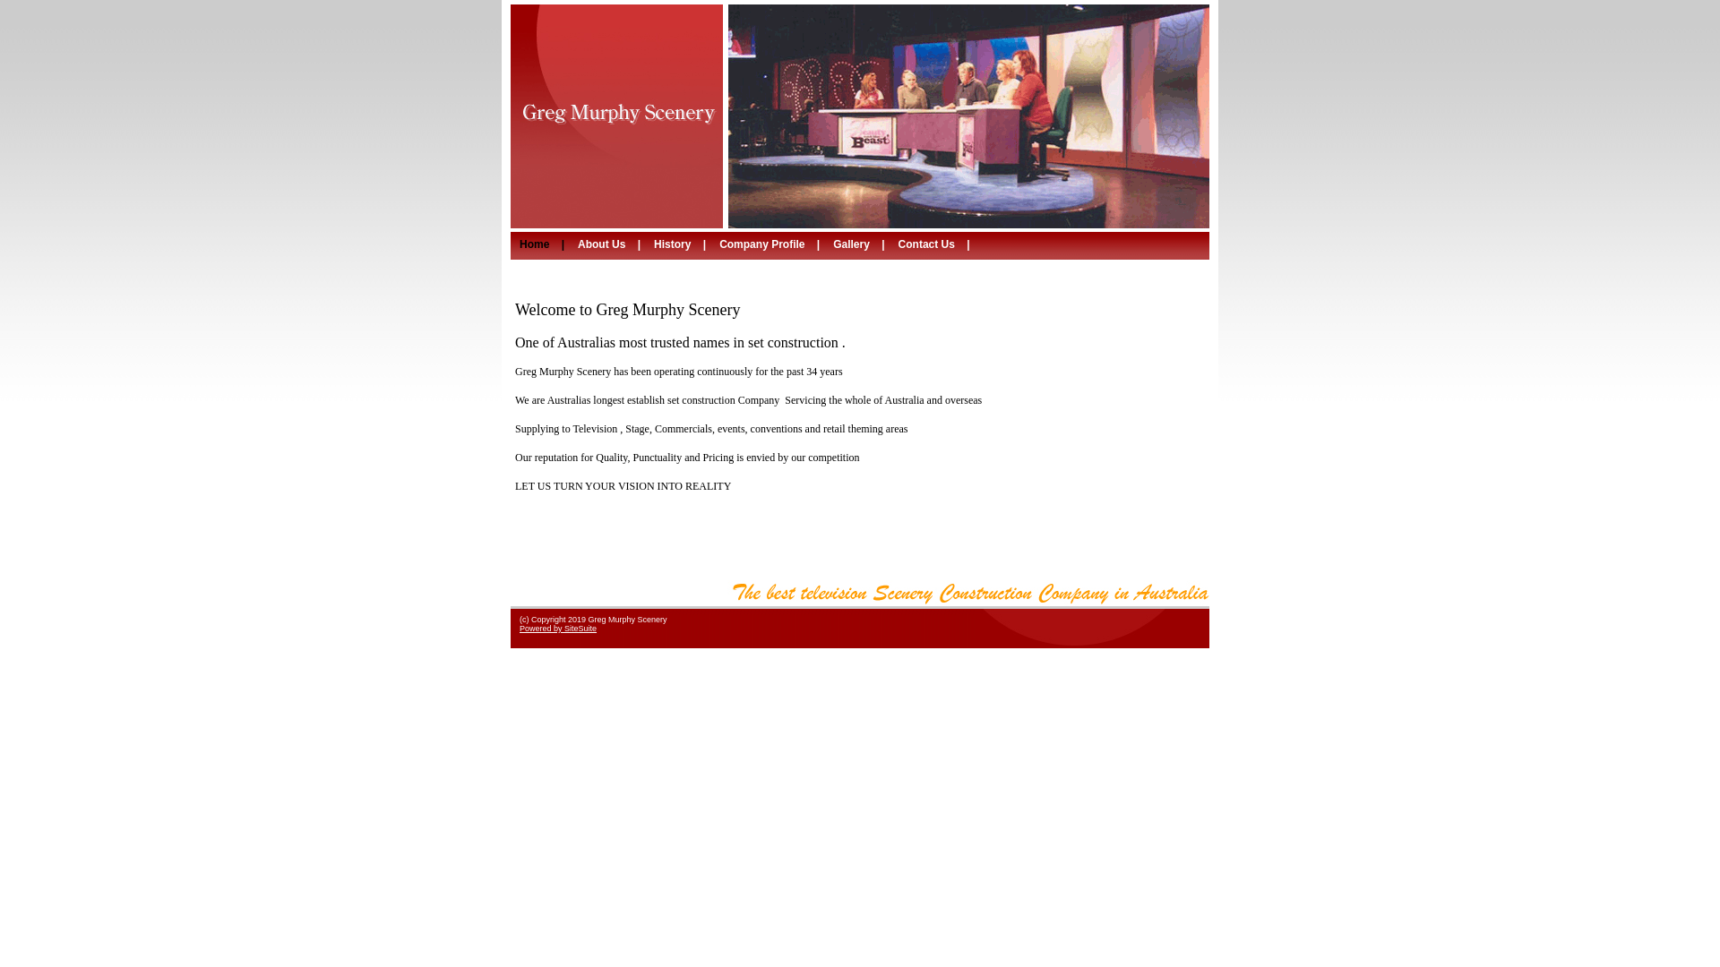 This screenshot has width=1720, height=967. What do you see at coordinates (519, 628) in the screenshot?
I see `'Powered by SiteSuite'` at bounding box center [519, 628].